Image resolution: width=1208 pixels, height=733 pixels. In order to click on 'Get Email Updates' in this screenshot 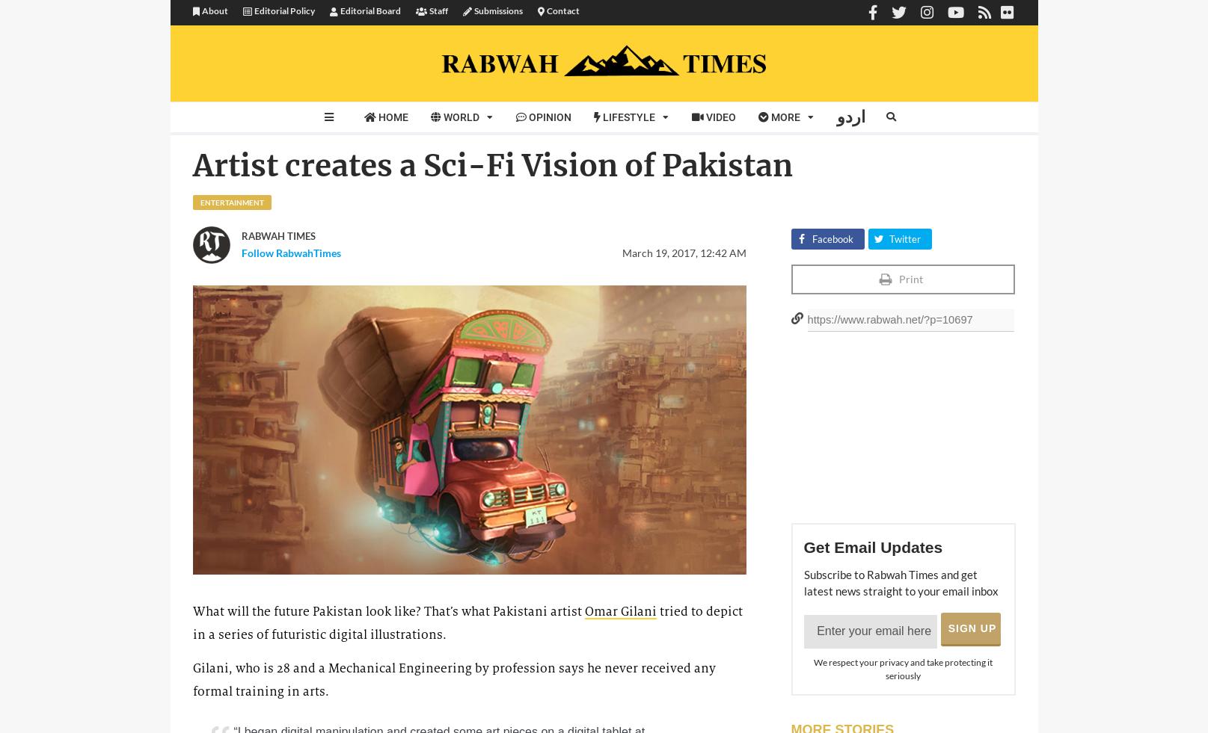, I will do `click(872, 546)`.